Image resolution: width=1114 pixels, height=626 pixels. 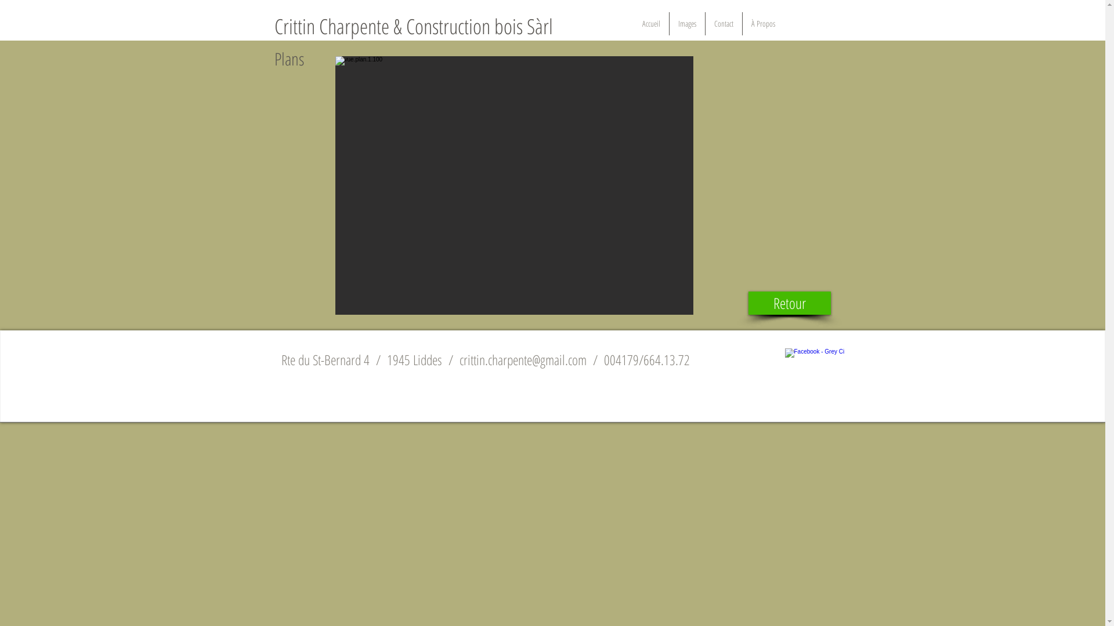 What do you see at coordinates (748, 303) in the screenshot?
I see `'Retour'` at bounding box center [748, 303].